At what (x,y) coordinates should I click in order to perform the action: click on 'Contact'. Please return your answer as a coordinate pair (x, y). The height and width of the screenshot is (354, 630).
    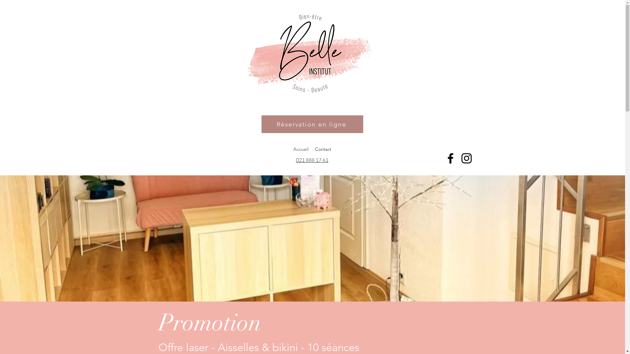
    Looking at the image, I should click on (323, 149).